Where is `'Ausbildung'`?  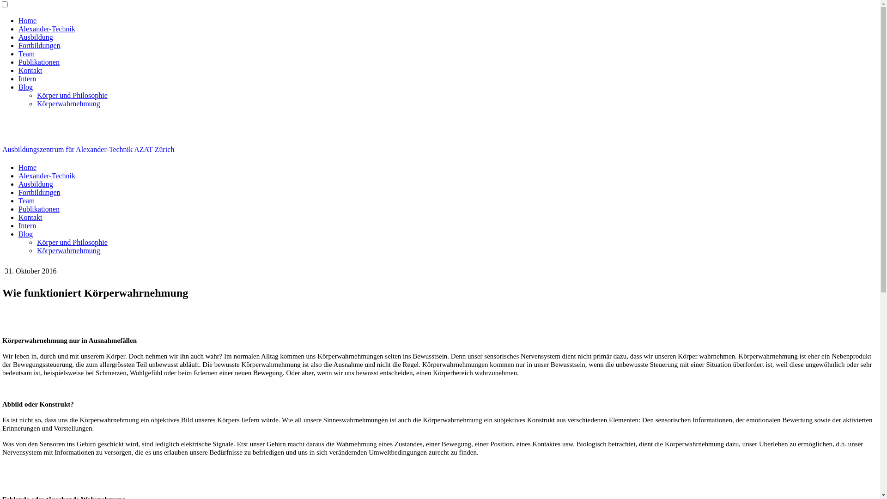
'Ausbildung' is located at coordinates (36, 184).